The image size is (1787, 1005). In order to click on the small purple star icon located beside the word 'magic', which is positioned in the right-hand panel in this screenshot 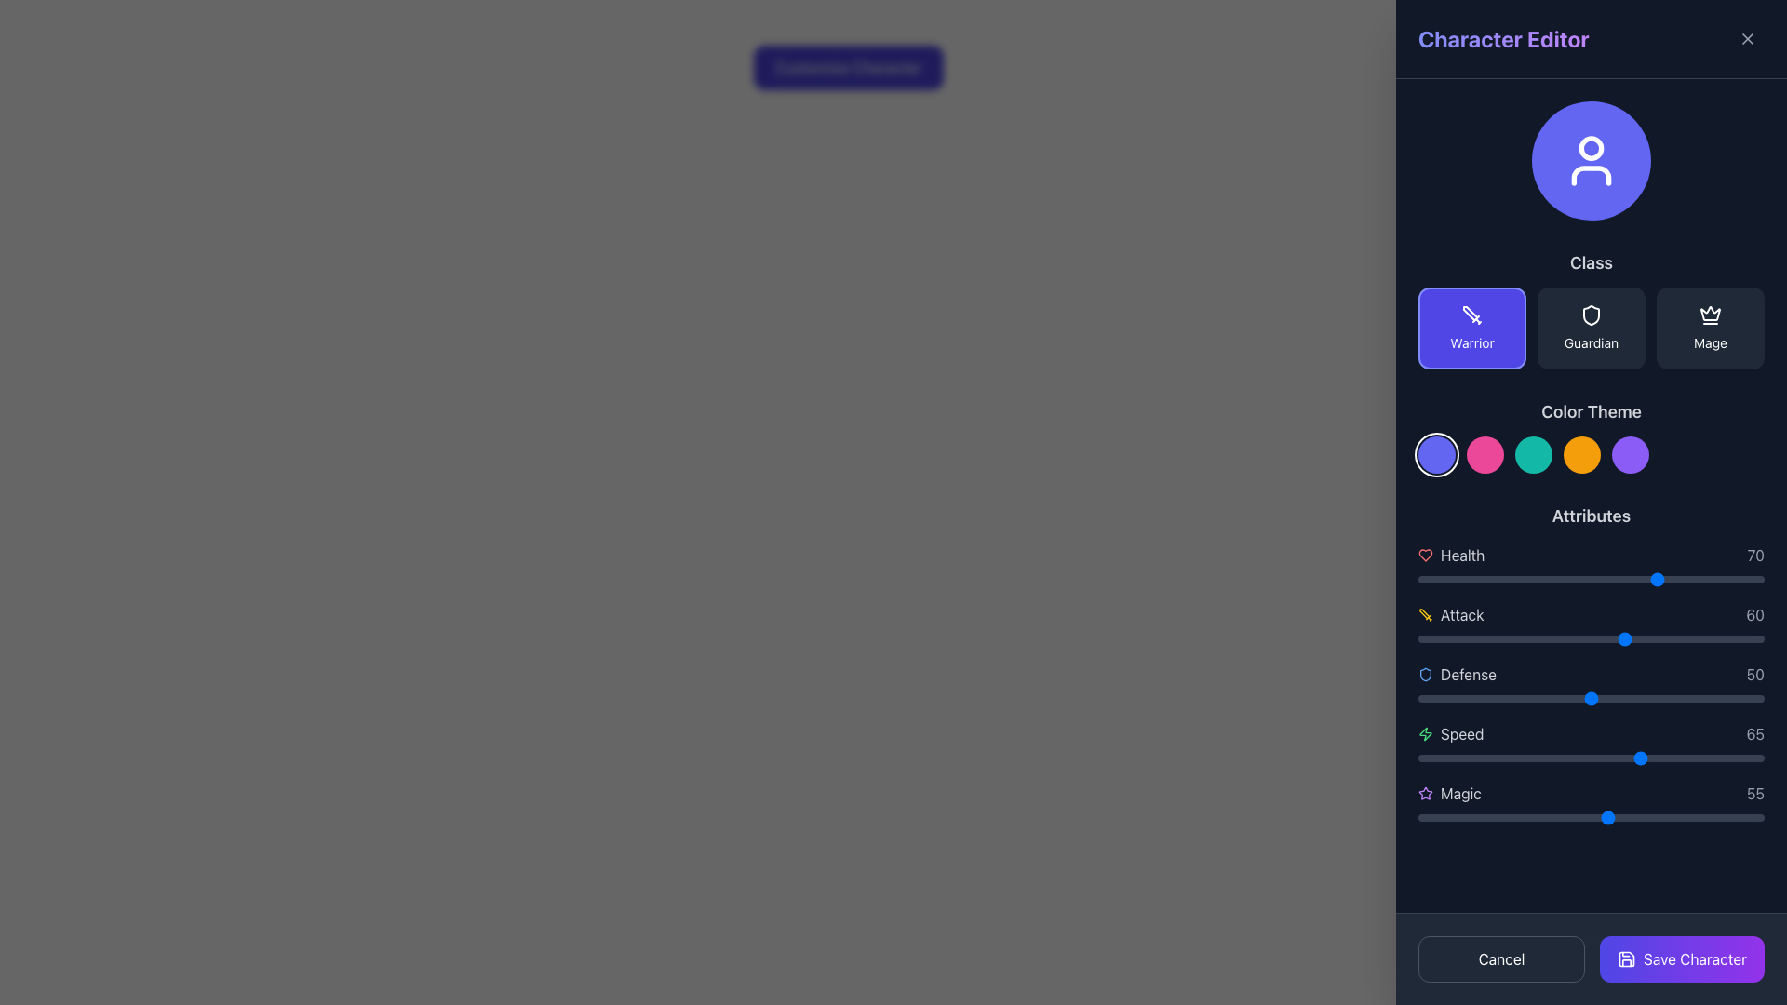, I will do `click(1424, 793)`.